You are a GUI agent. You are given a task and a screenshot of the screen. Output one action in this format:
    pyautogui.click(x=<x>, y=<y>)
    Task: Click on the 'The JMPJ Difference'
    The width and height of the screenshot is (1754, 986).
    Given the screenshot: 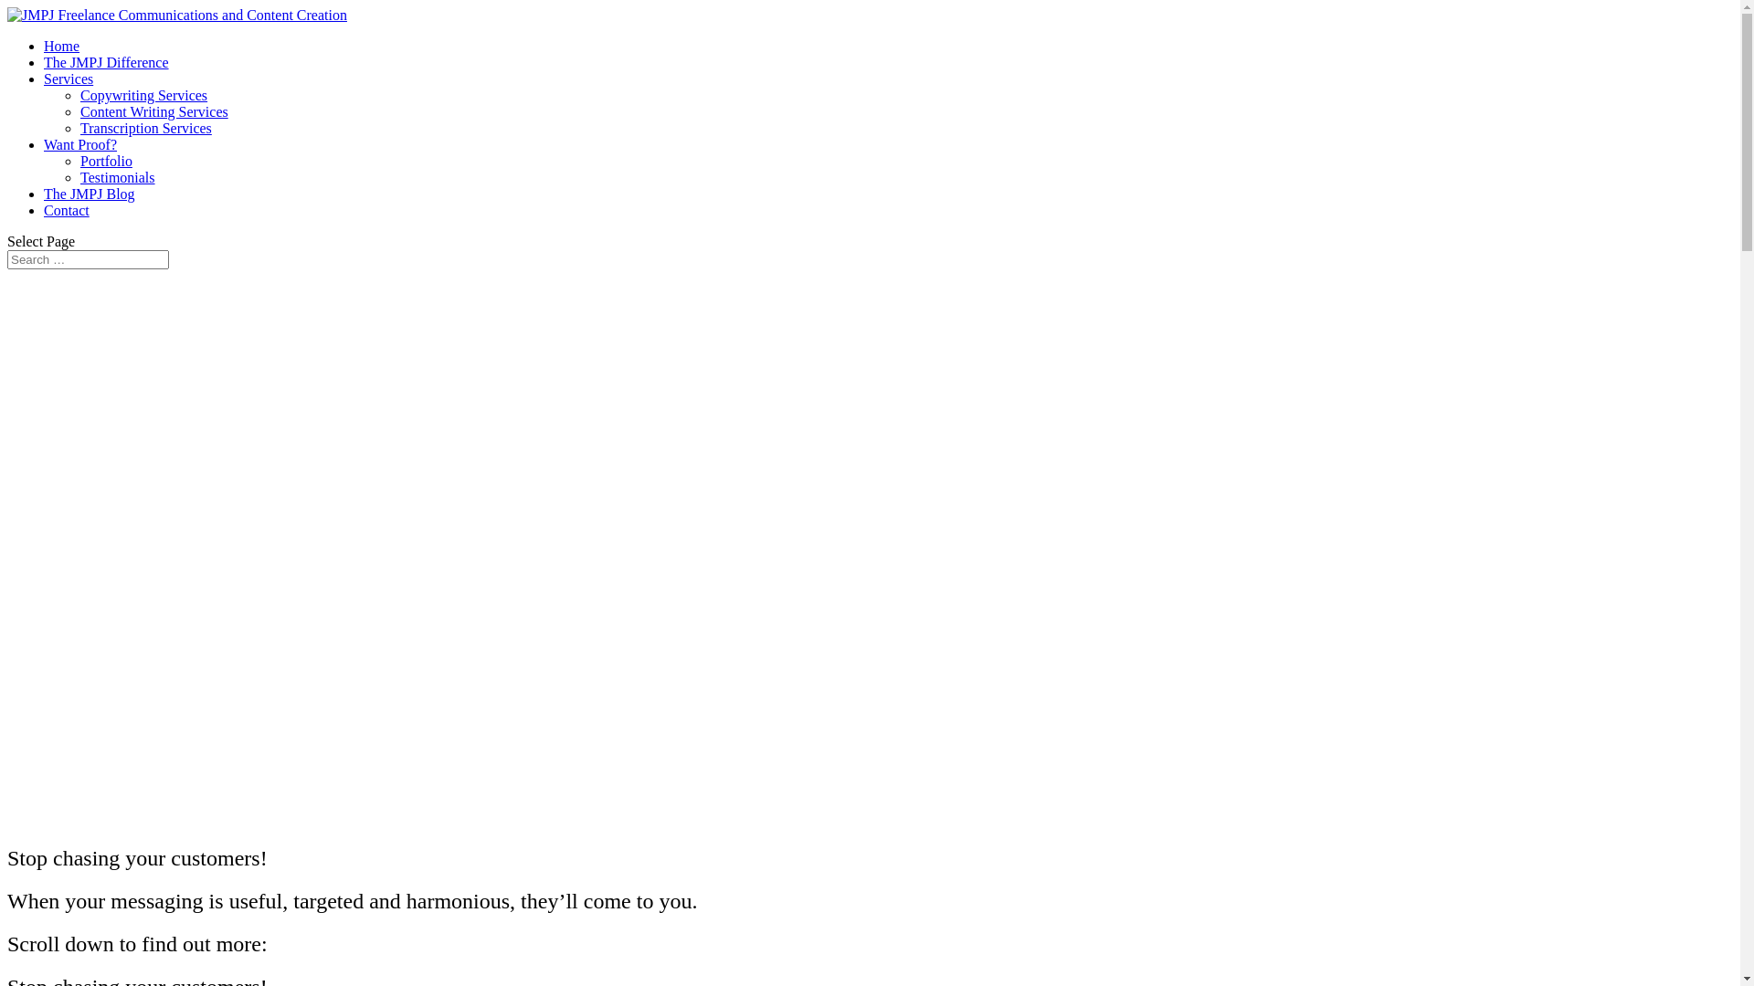 What is the action you would take?
    pyautogui.click(x=105, y=61)
    